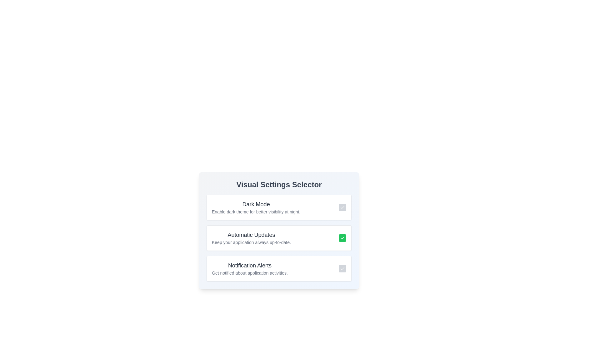  Describe the element at coordinates (342, 238) in the screenshot. I see `the toggle state icon for 'Automatic Updates' located` at that location.